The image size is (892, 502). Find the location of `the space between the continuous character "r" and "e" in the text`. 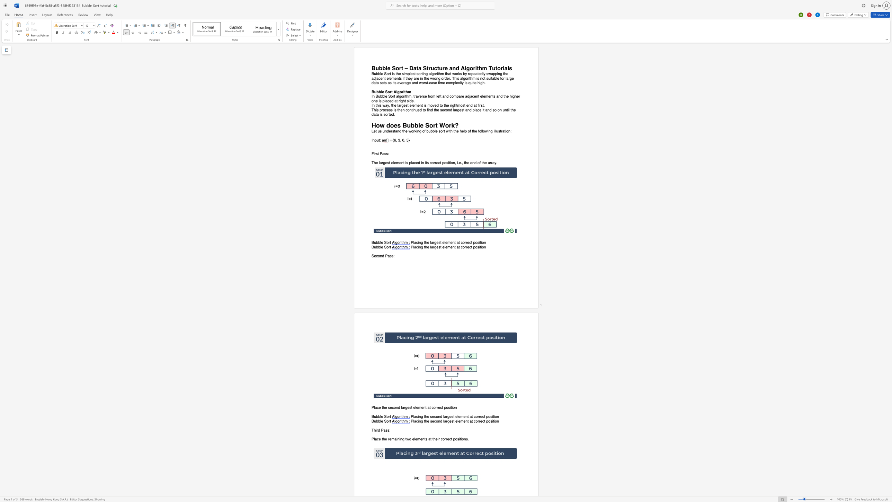

the space between the continuous character "r" and "e" in the text is located at coordinates (438, 408).